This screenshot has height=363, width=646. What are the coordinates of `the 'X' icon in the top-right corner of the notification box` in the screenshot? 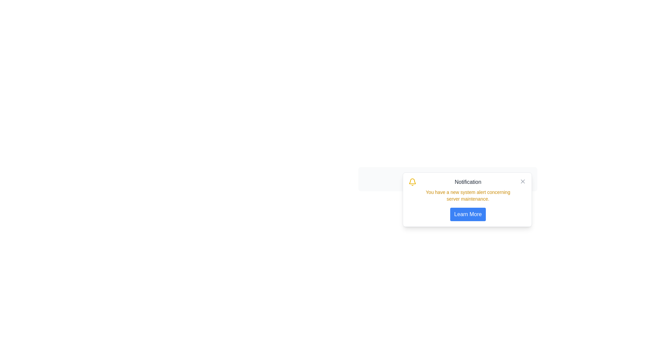 It's located at (523, 182).